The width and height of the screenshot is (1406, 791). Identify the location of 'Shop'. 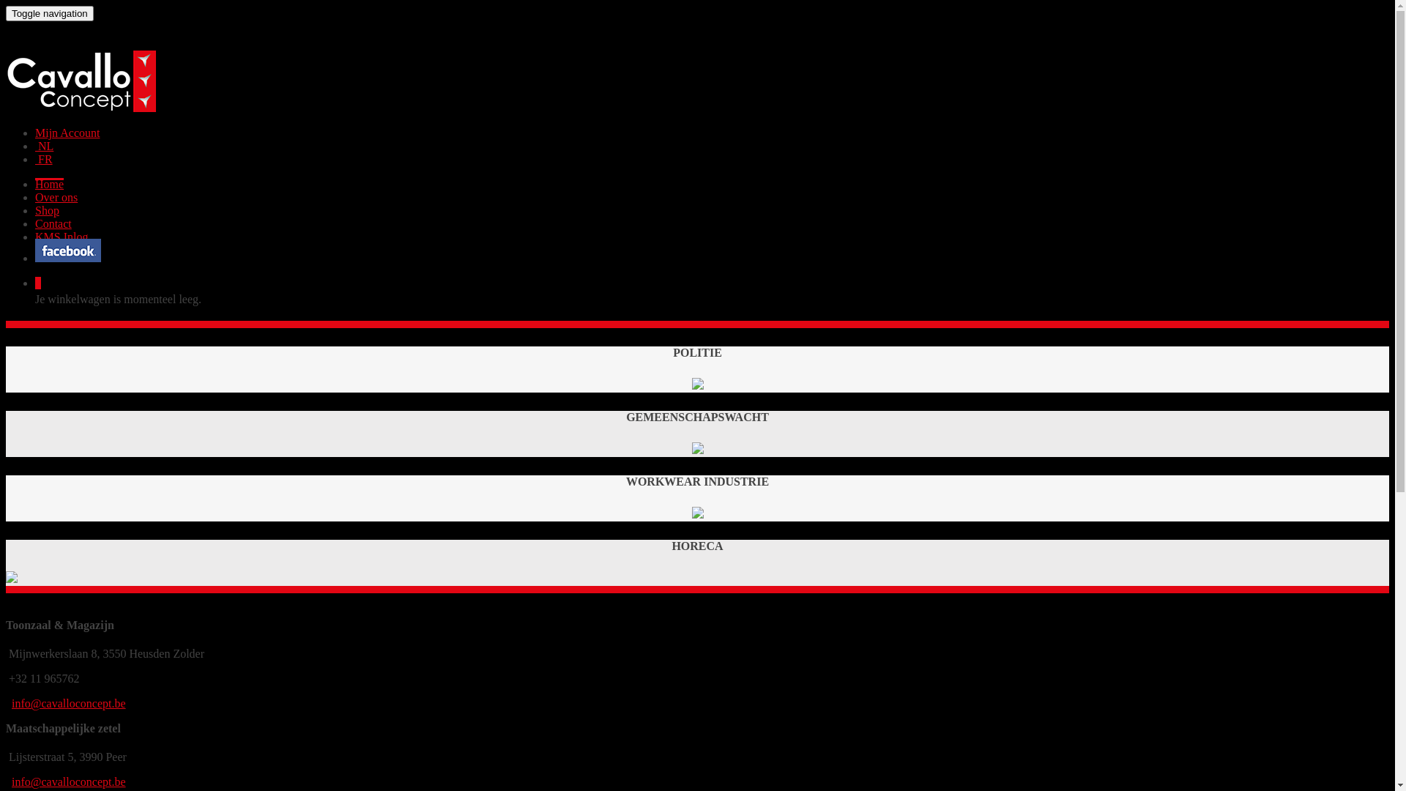
(47, 210).